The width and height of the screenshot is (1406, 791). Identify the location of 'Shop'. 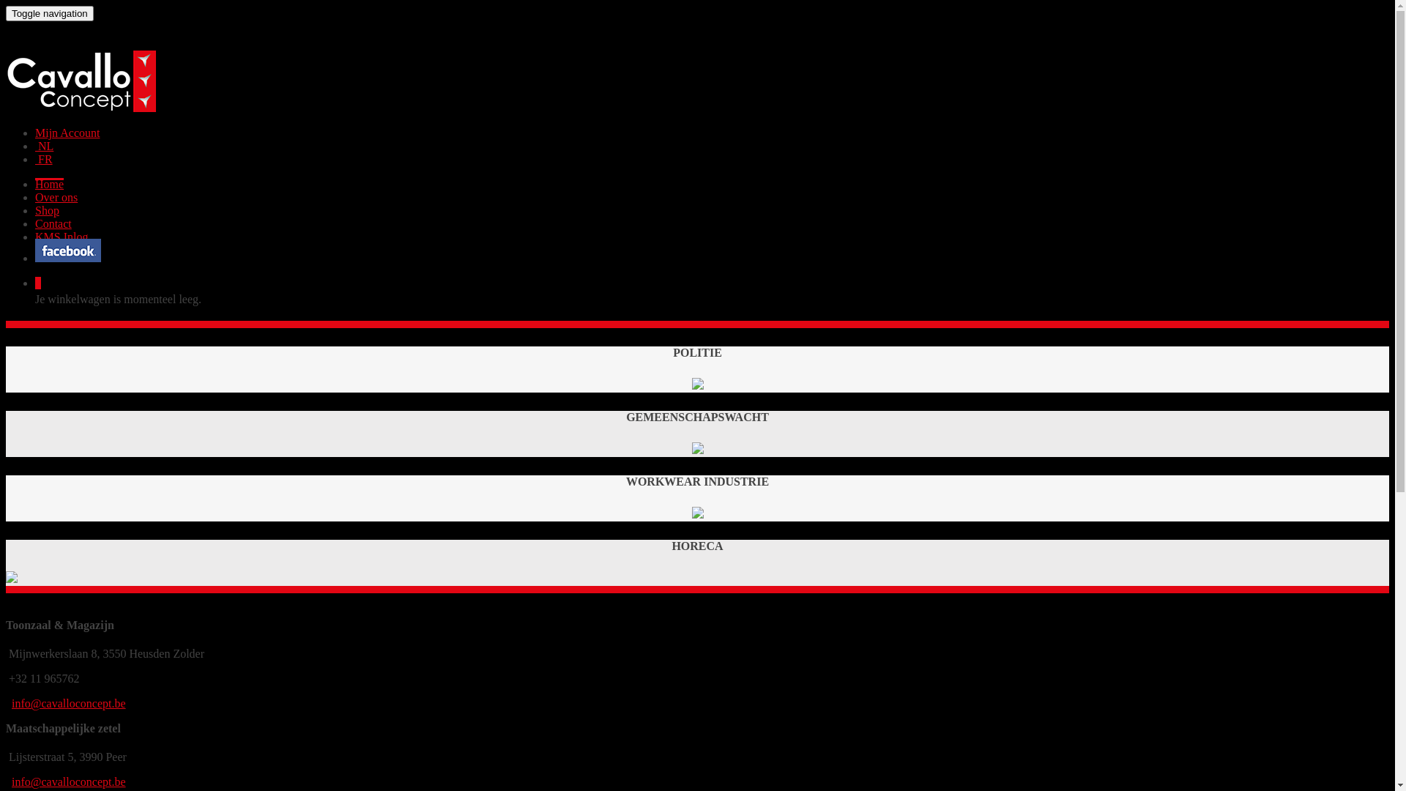
(47, 210).